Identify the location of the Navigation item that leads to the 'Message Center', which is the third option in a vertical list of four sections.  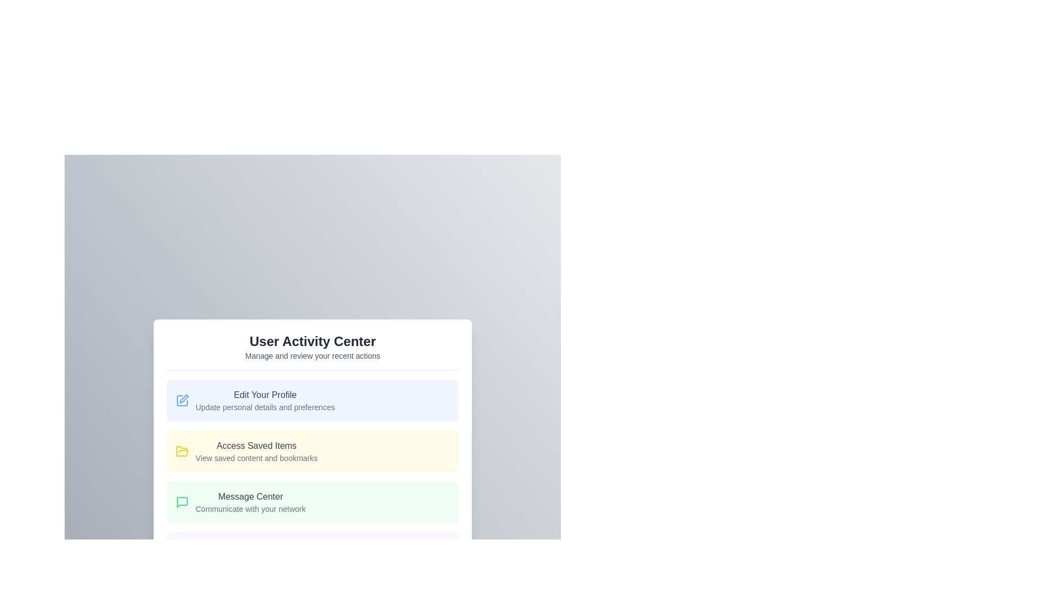
(312, 501).